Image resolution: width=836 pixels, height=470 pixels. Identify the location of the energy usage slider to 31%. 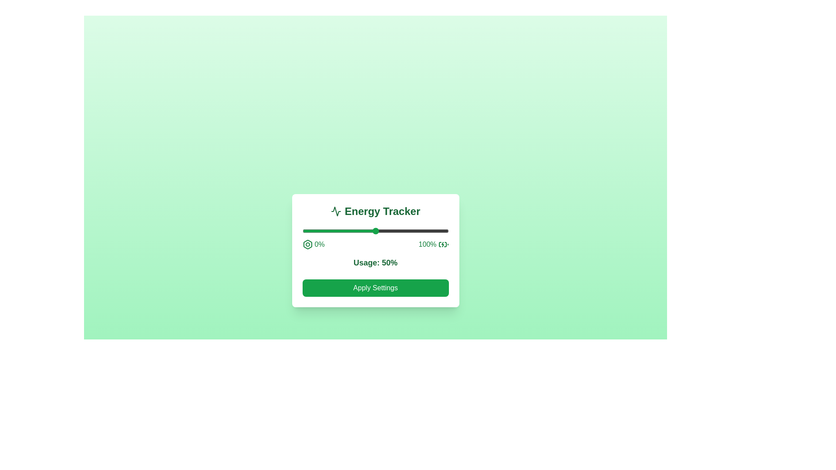
(347, 231).